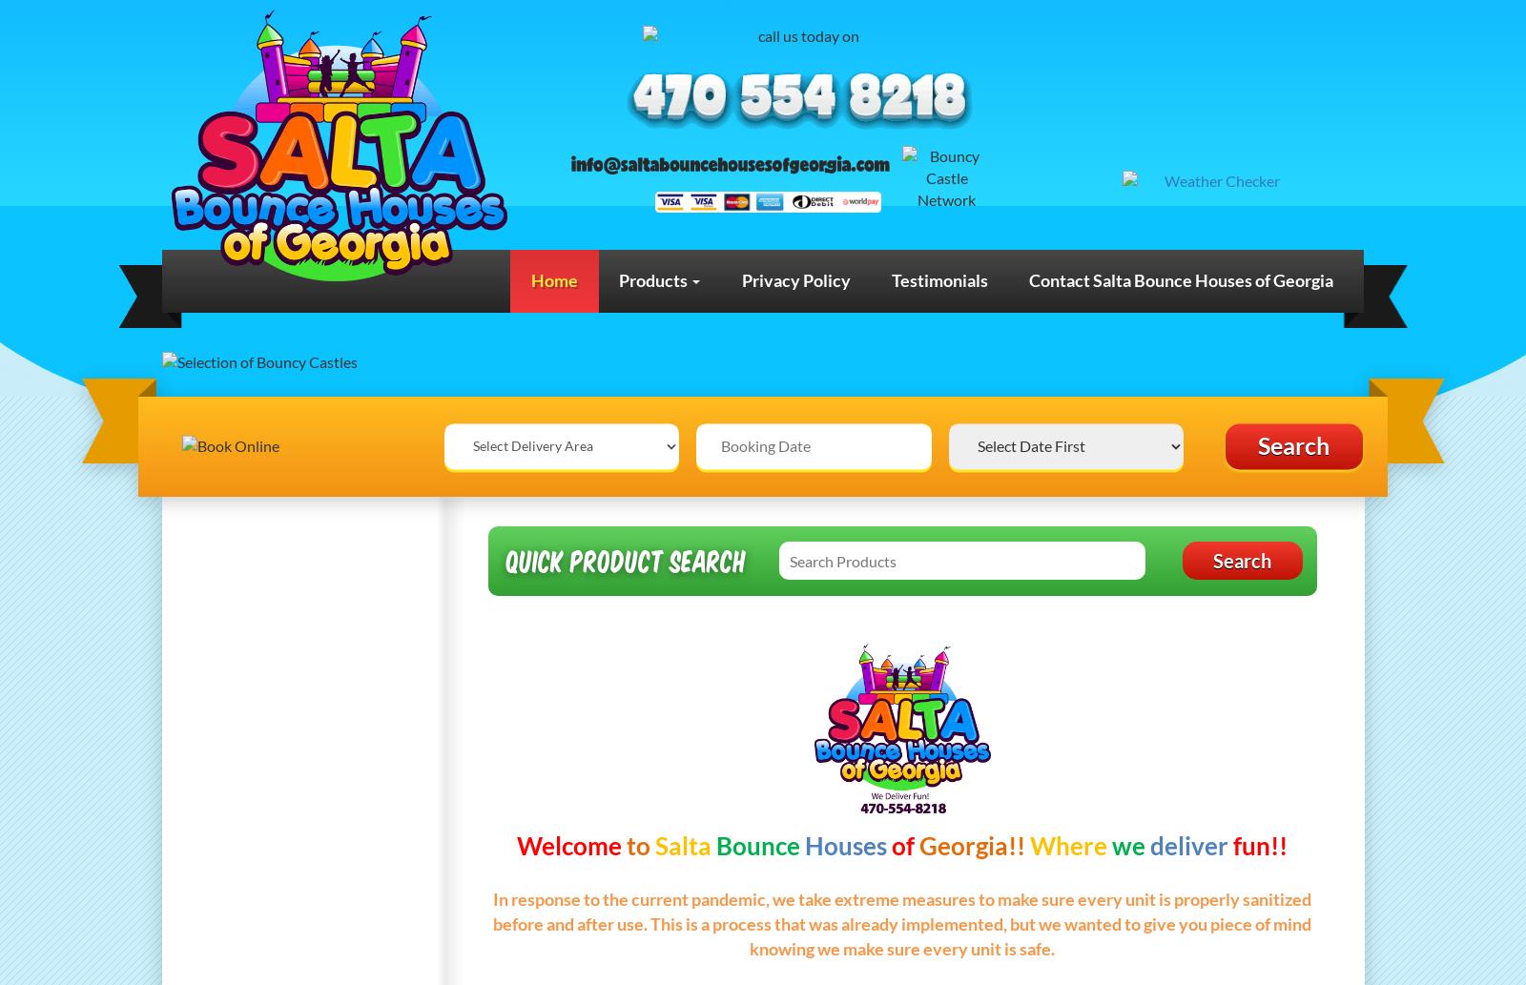  I want to click on 'fun!!', so click(1259, 844).